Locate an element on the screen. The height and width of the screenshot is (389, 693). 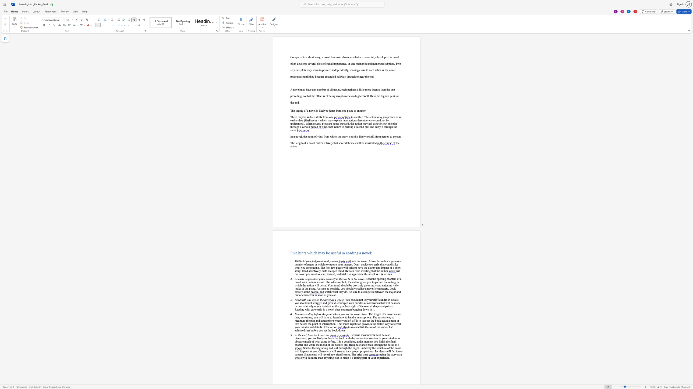
the 1th character "k" in the text is located at coordinates (321, 110).